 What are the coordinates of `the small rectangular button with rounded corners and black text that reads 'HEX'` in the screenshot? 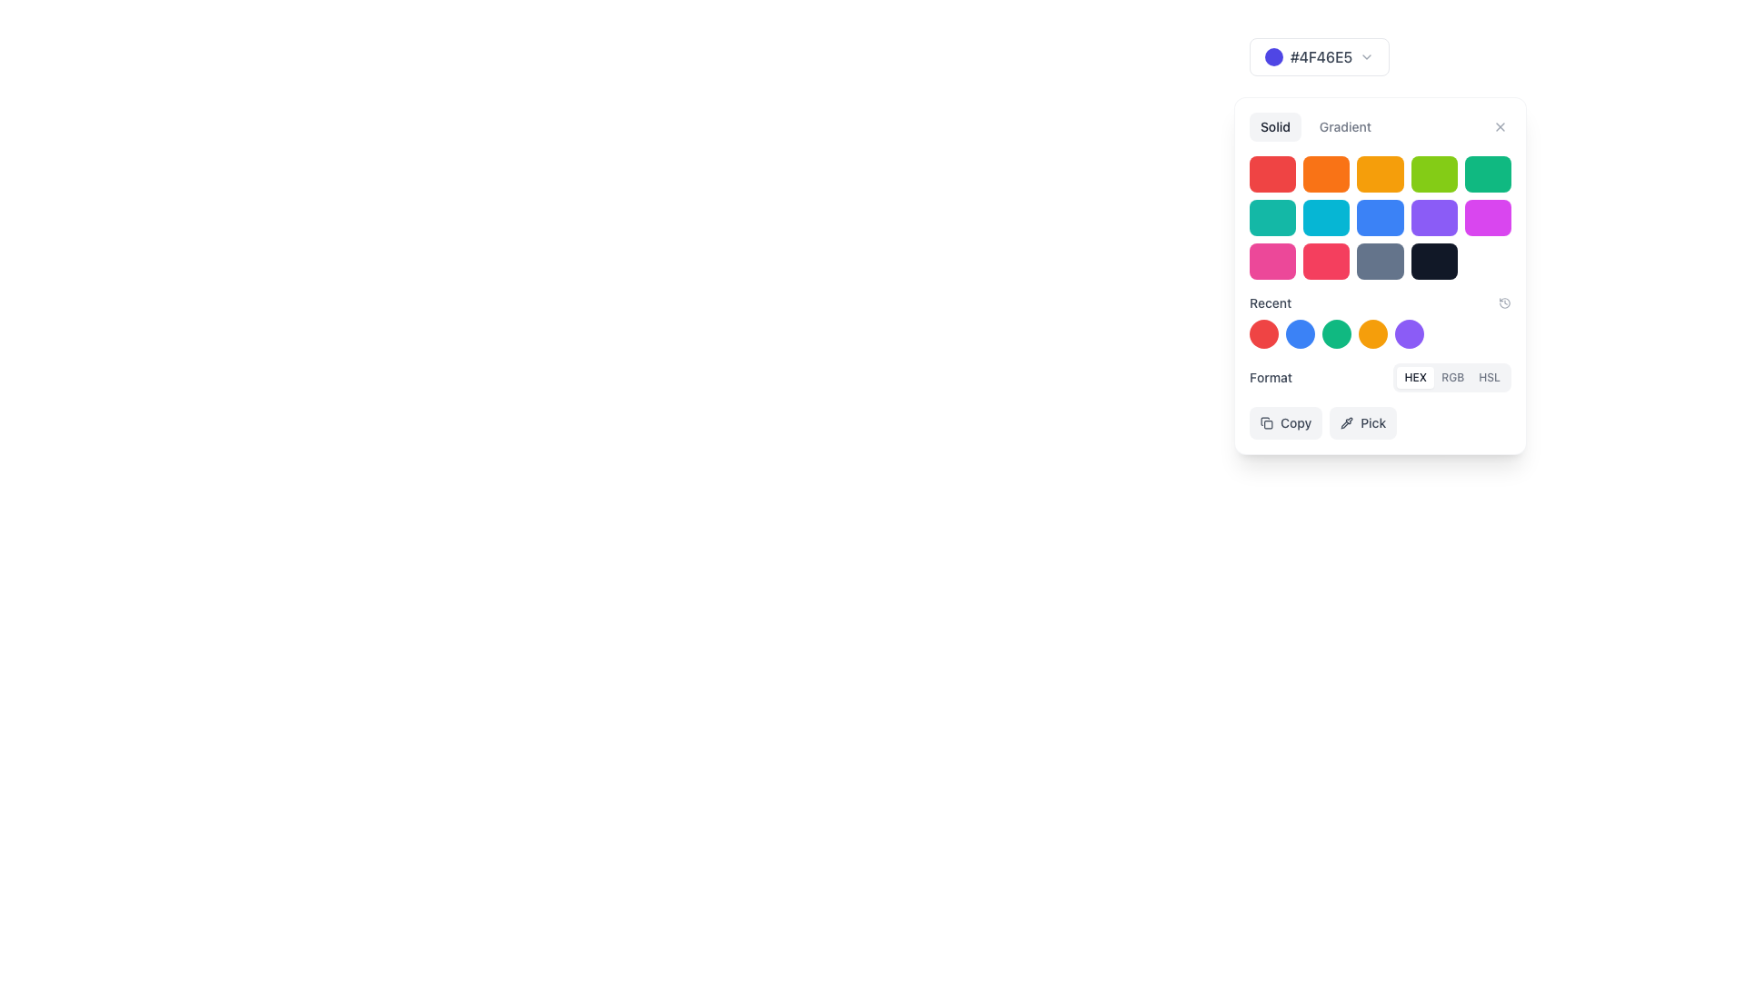 It's located at (1414, 377).